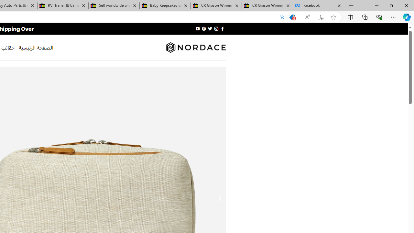  I want to click on 'Follow on YouTube', so click(197, 28).